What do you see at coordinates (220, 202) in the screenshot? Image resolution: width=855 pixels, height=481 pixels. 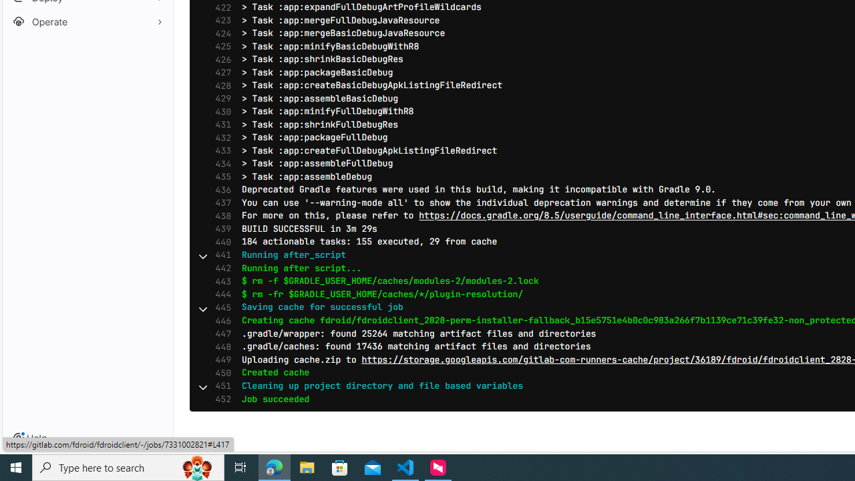 I see `'437'` at bounding box center [220, 202].